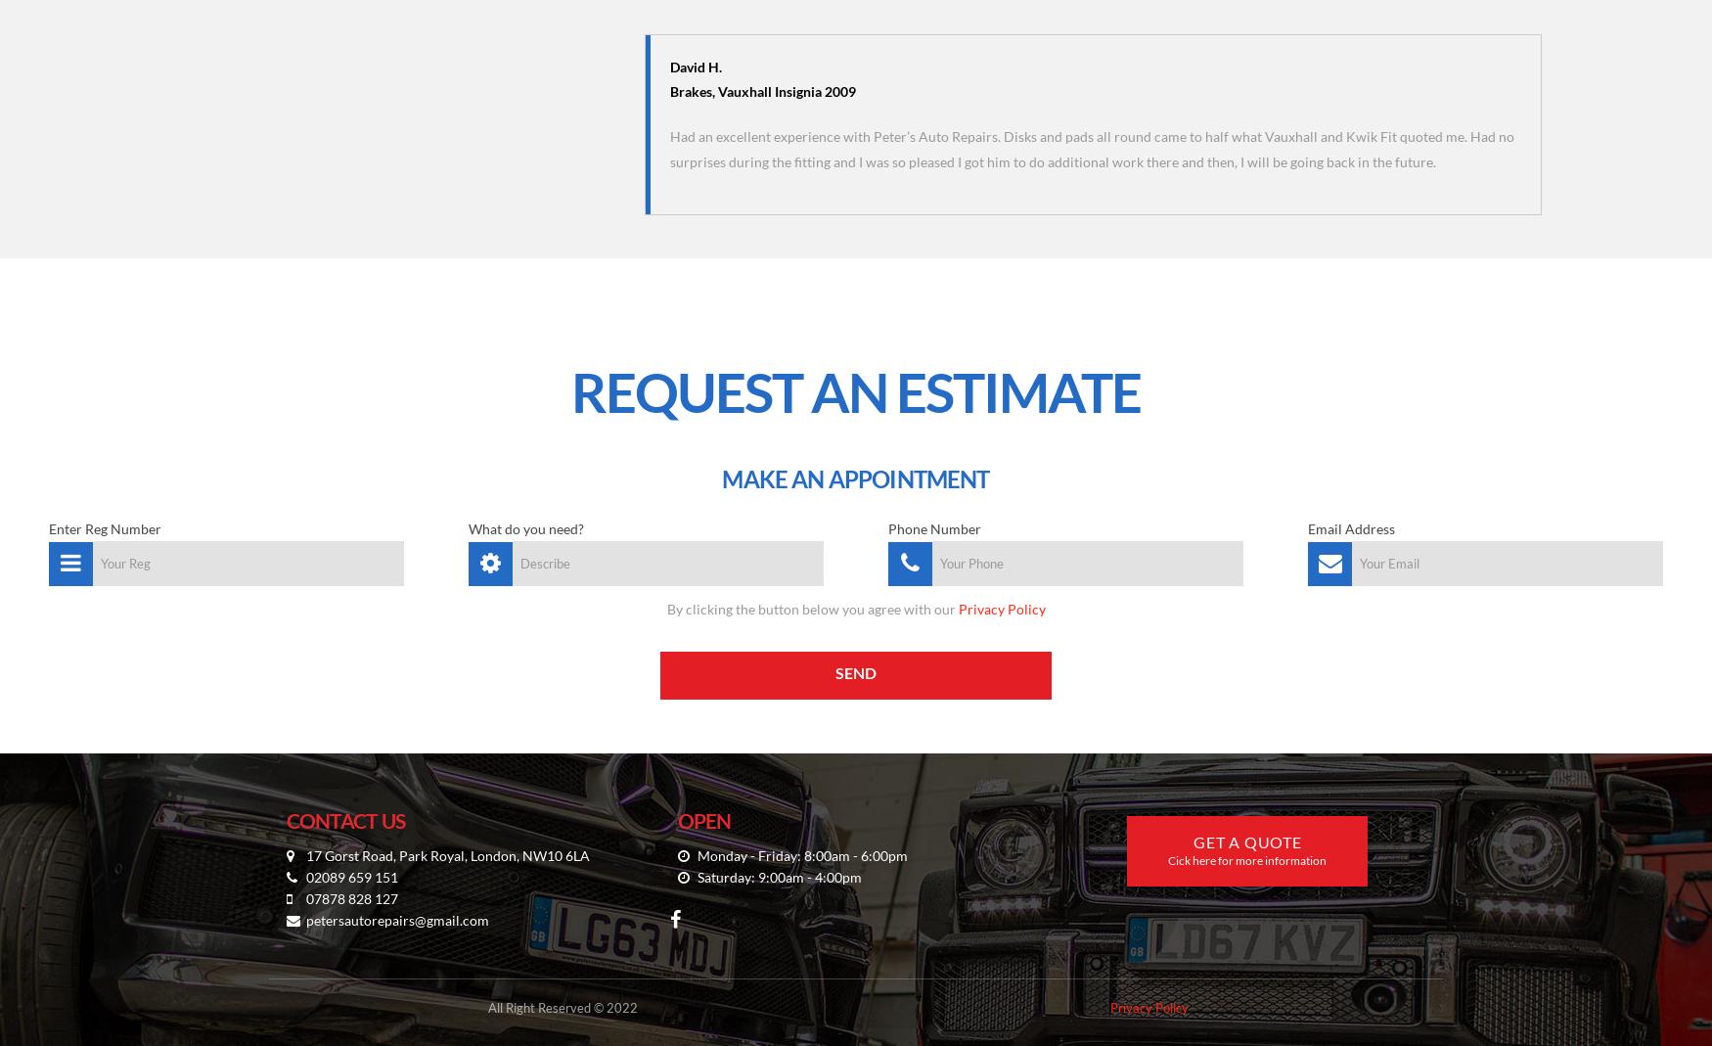  Describe the element at coordinates (446, 853) in the screenshot. I see `'17 Gorst Road, Park Royal, London, NW10 6LA'` at that location.